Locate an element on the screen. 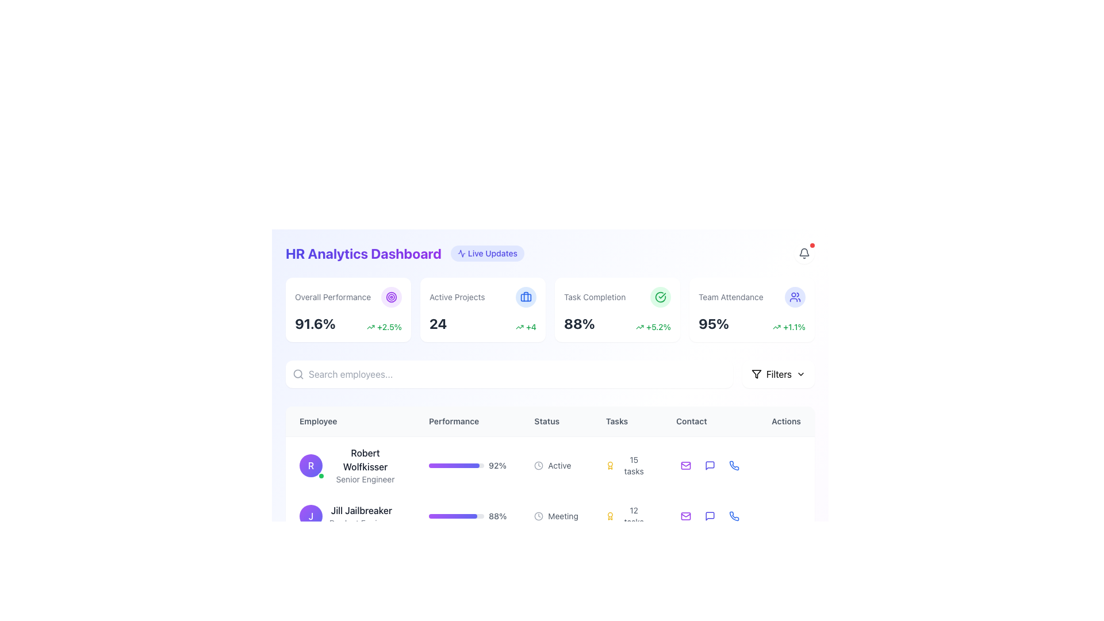 Image resolution: width=1104 pixels, height=621 pixels. text label that serves as a header for the performance metric displayed below it, providing context to the adjacent visual information is located at coordinates (332, 296).